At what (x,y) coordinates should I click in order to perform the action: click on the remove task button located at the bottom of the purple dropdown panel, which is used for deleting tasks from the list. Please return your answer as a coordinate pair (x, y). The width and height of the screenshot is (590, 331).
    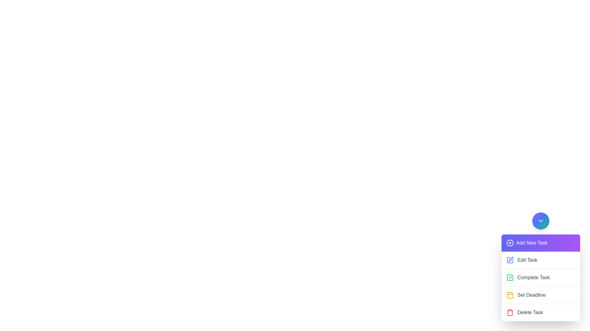
    Looking at the image, I should click on (541, 312).